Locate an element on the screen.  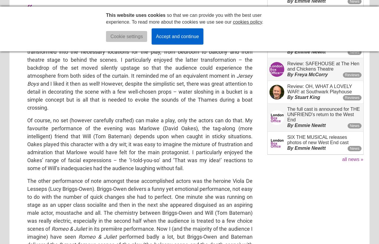
'SIX THE MUSICAL releases photos of new West End cast' is located at coordinates (317, 139).